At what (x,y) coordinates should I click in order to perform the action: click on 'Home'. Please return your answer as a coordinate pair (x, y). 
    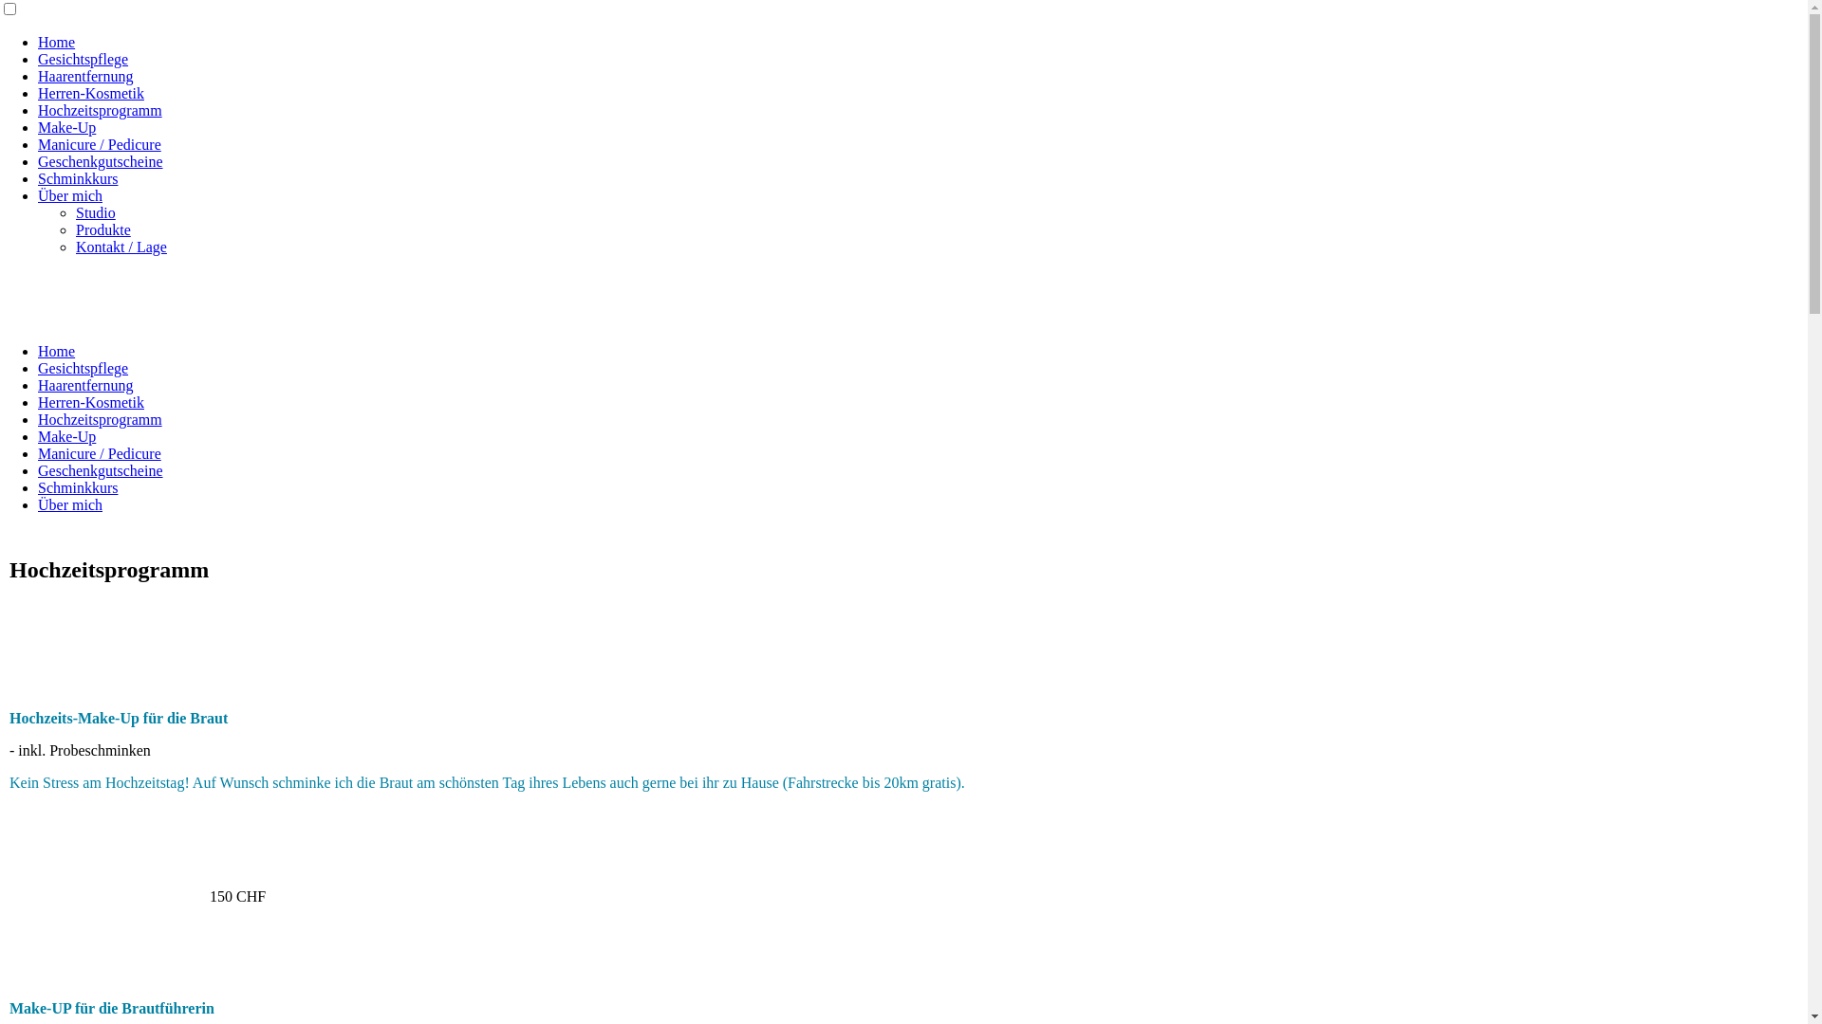
    Looking at the image, I should click on (56, 351).